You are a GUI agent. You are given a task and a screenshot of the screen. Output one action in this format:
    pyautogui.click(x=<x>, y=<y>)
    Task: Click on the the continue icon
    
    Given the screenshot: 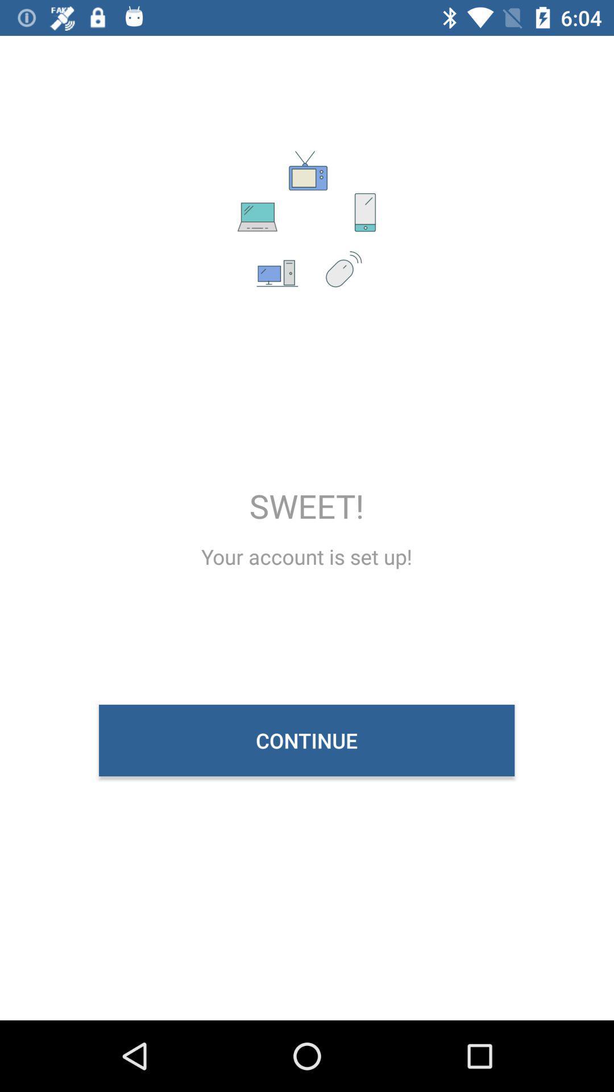 What is the action you would take?
    pyautogui.click(x=306, y=740)
    